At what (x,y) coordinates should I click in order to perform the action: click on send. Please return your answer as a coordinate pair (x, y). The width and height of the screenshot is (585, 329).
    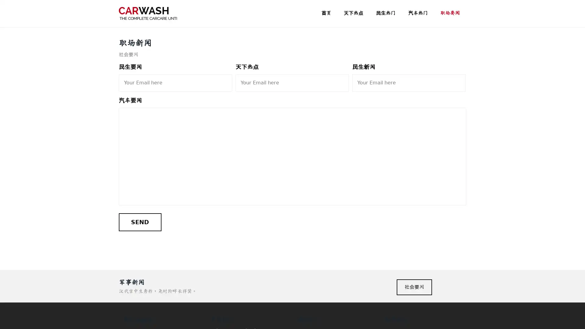
    Looking at the image, I should click on (140, 222).